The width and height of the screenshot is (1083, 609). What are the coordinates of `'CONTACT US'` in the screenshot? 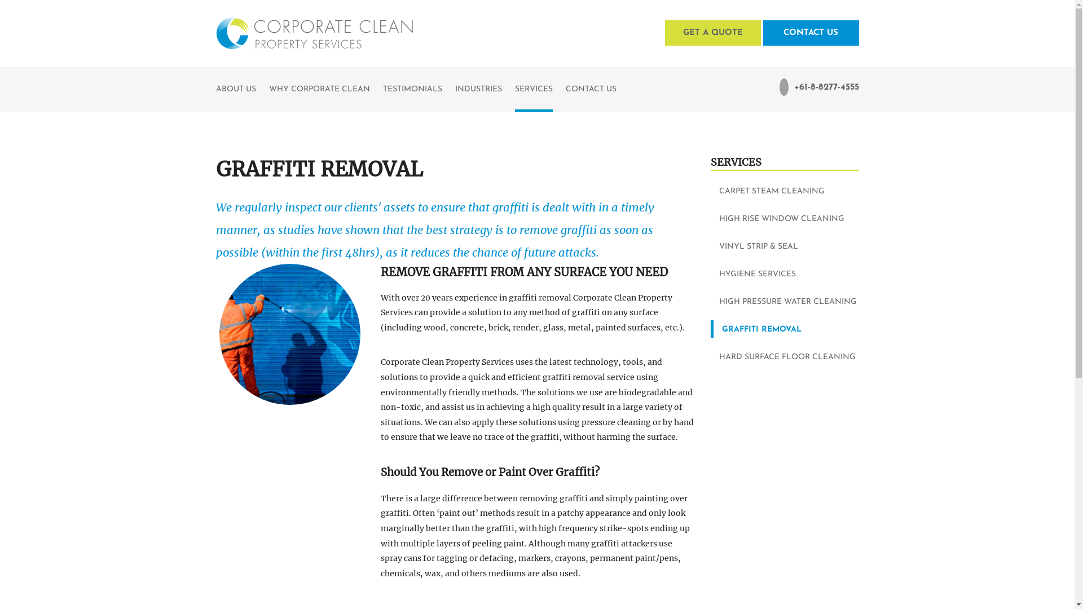 It's located at (589, 89).